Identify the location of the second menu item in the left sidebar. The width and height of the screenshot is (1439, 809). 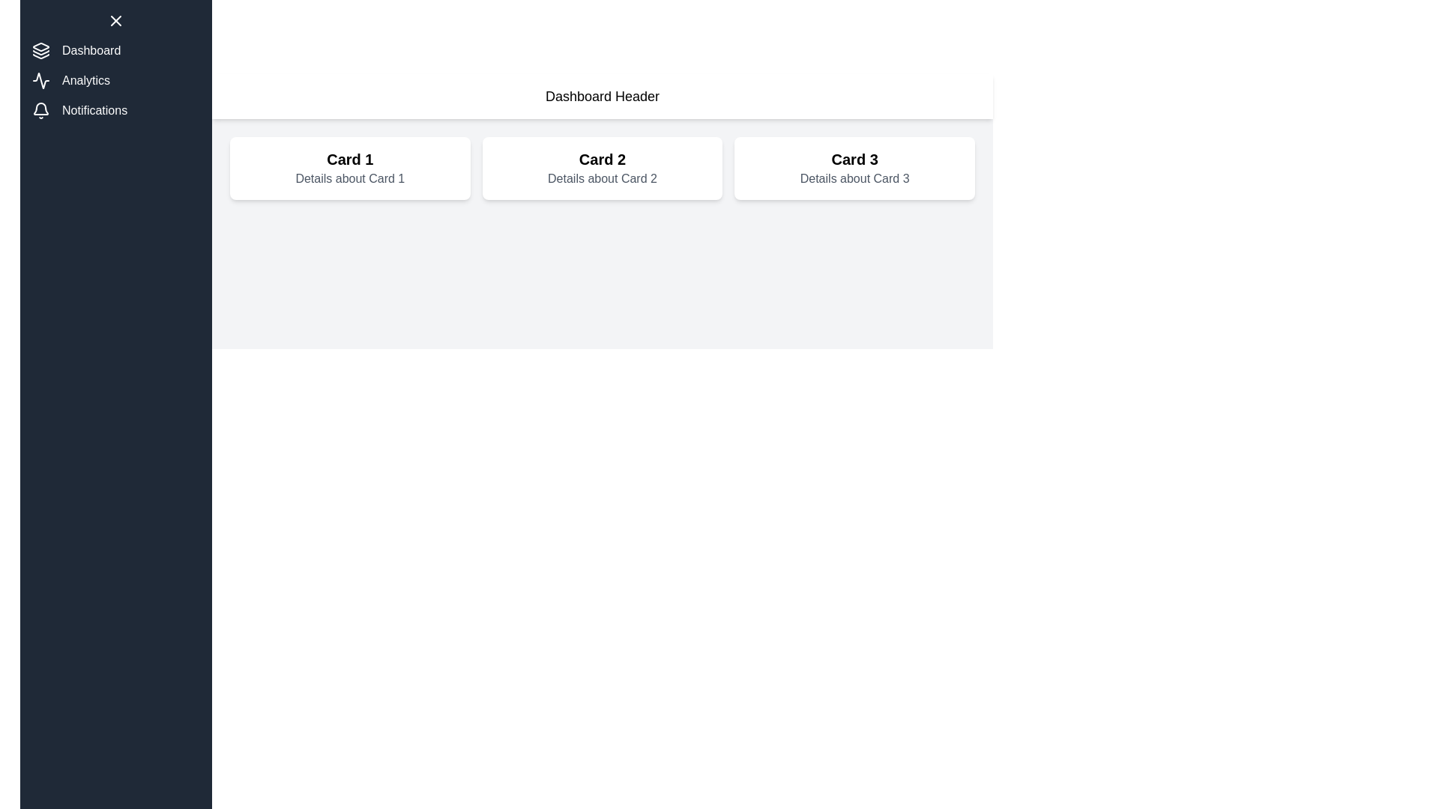
(115, 81).